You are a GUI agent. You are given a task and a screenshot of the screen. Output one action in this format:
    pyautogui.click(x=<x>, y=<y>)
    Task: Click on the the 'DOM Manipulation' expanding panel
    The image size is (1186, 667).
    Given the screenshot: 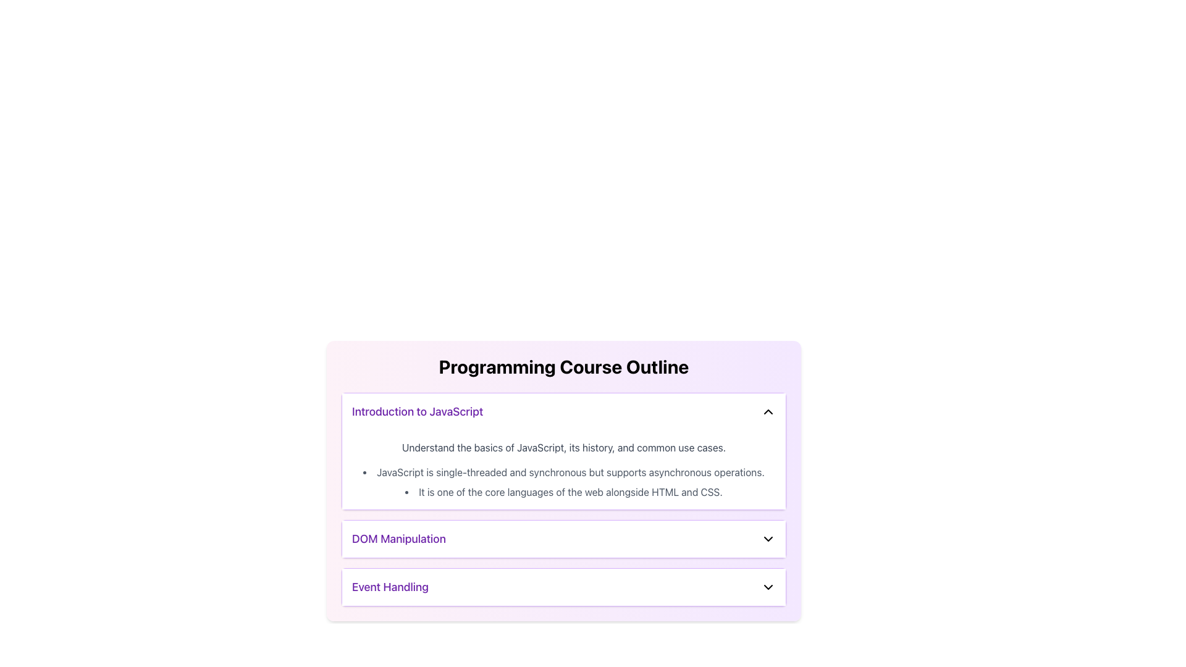 What is the action you would take?
    pyautogui.click(x=563, y=538)
    